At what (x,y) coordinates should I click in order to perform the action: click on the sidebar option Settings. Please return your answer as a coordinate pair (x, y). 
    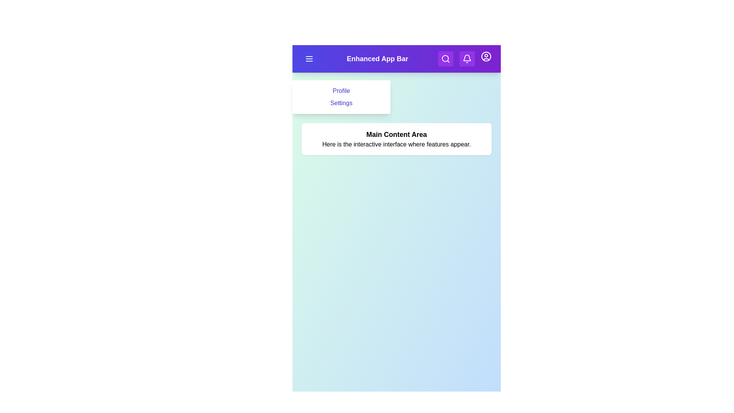
    Looking at the image, I should click on (341, 103).